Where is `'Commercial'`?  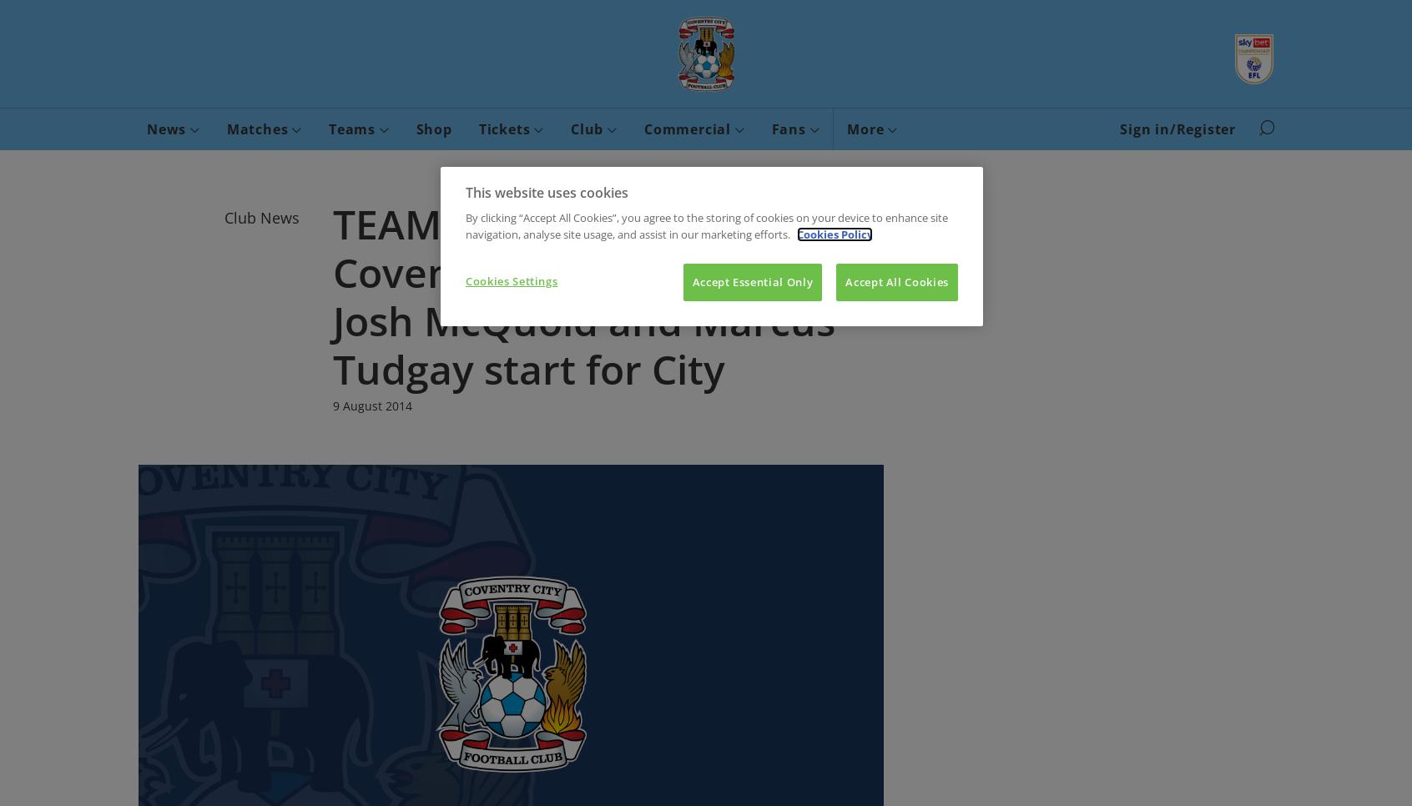
'Commercial' is located at coordinates (643, 128).